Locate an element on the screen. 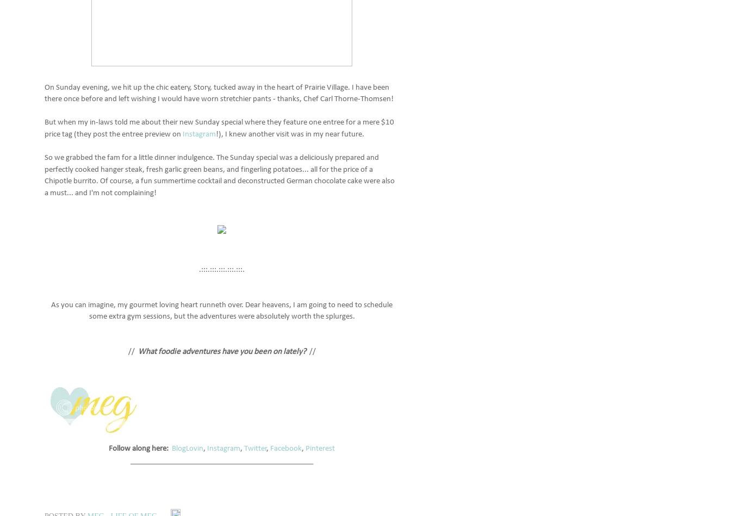 Image resolution: width=747 pixels, height=516 pixels. 'Twitter' is located at coordinates (256, 447).